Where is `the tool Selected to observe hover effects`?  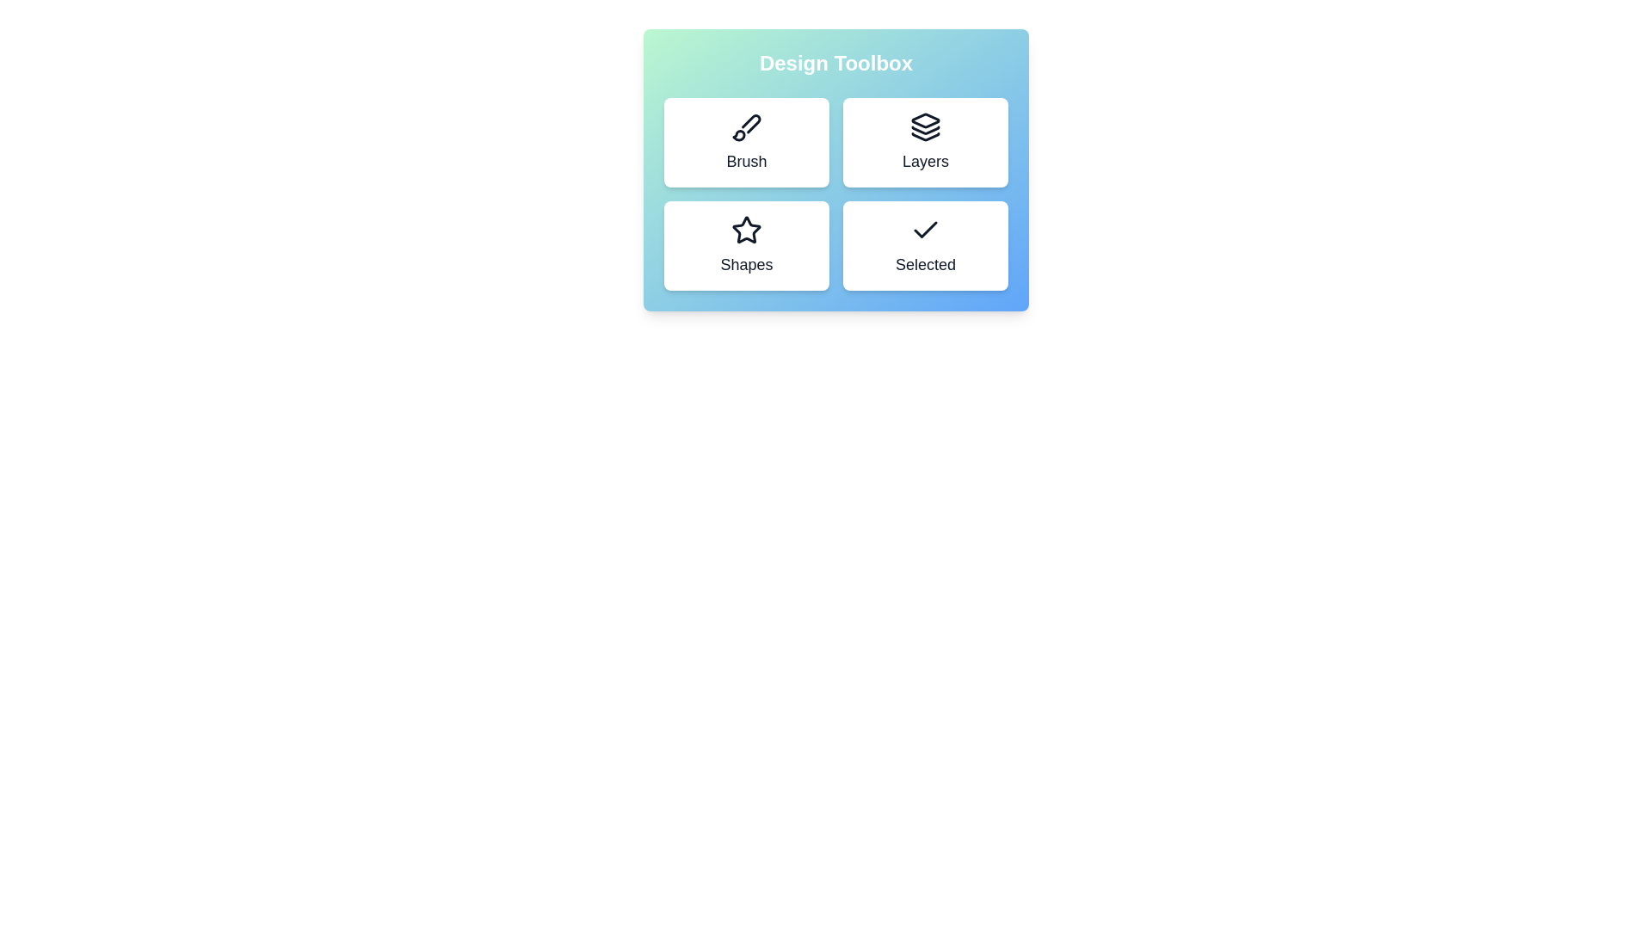
the tool Selected to observe hover effects is located at coordinates (924, 245).